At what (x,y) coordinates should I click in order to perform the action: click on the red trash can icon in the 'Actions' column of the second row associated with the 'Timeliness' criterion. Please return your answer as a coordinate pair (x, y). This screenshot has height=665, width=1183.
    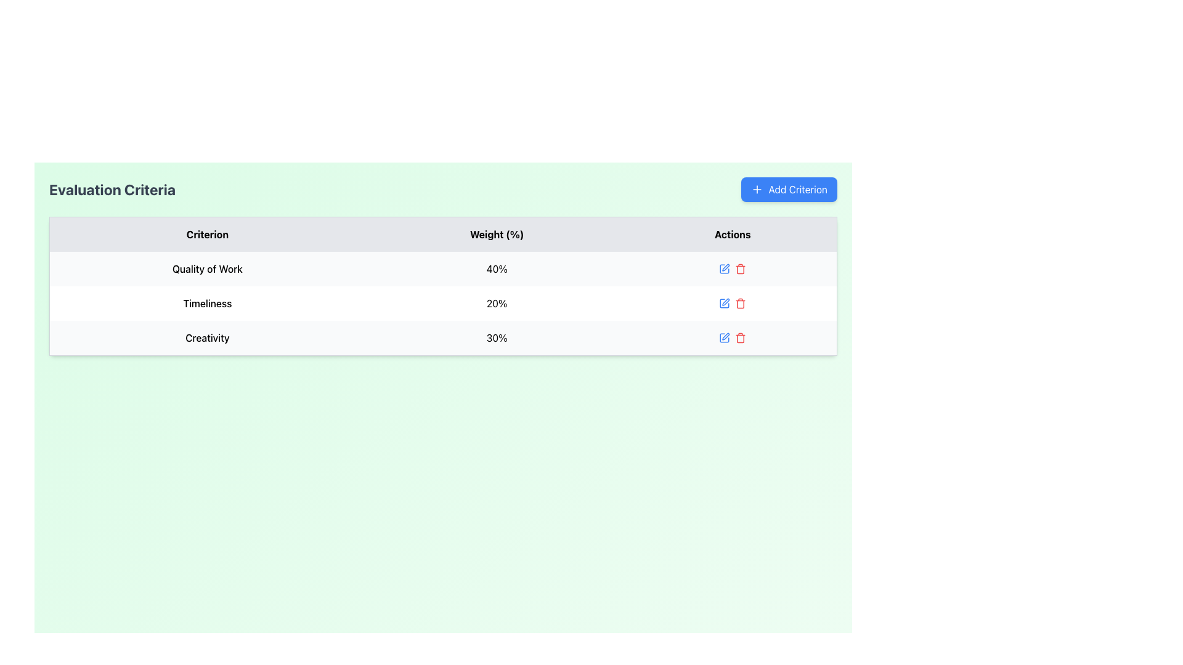
    Looking at the image, I should click on (740, 304).